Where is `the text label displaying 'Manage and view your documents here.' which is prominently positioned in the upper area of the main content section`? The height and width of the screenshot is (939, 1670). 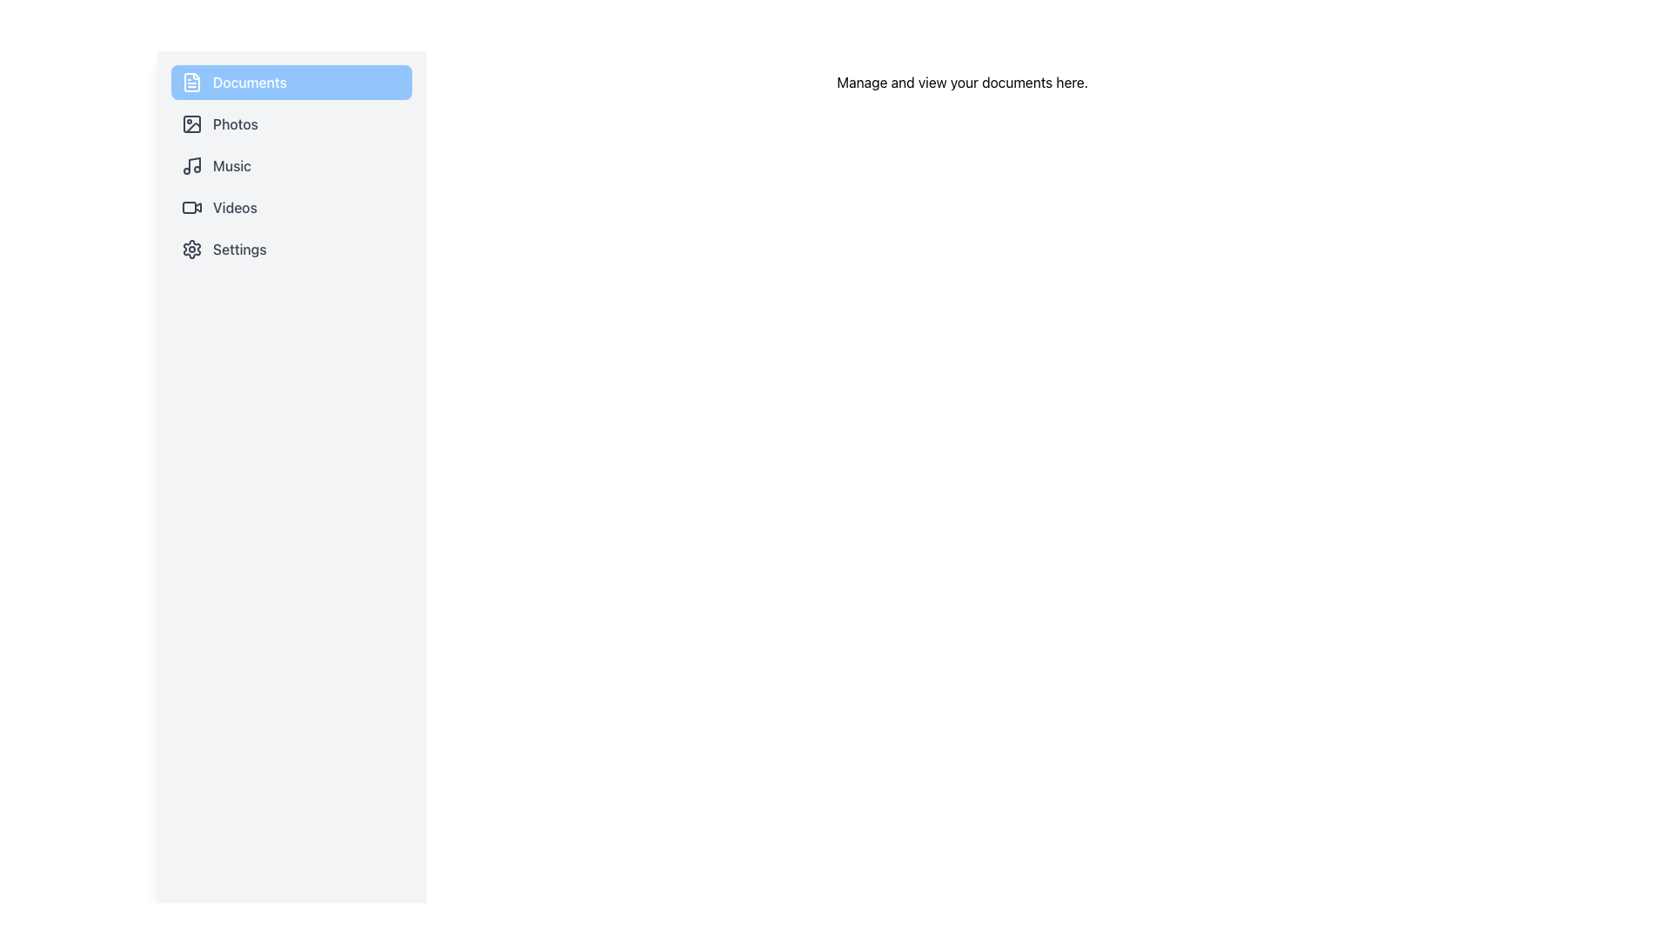 the text label displaying 'Manage and view your documents here.' which is prominently positioned in the upper area of the main content section is located at coordinates (961, 83).